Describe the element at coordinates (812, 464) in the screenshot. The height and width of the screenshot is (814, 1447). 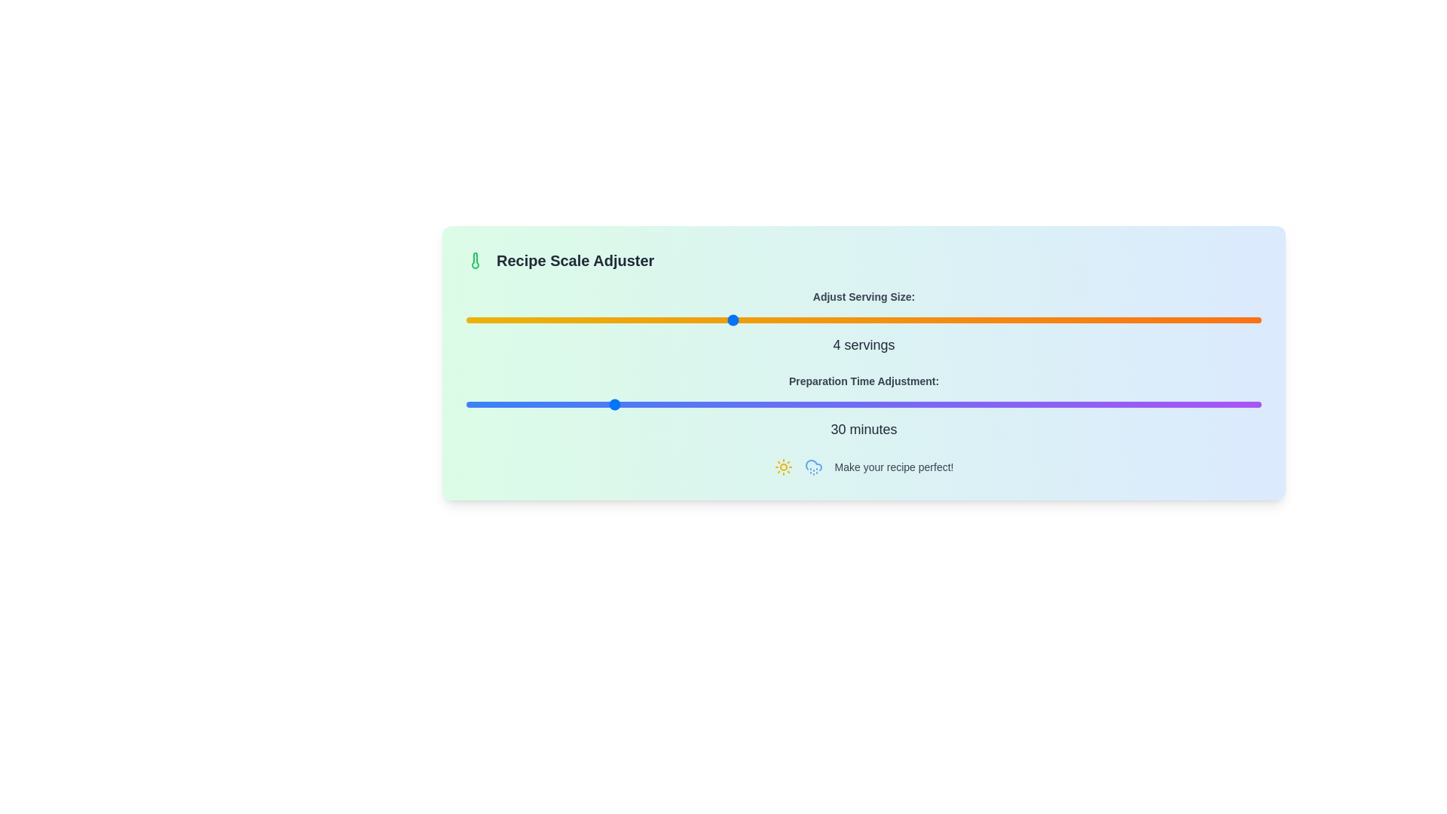
I see `the cloud icon with raindrops, styled in blue, located near the top-left corner of the interface` at that location.